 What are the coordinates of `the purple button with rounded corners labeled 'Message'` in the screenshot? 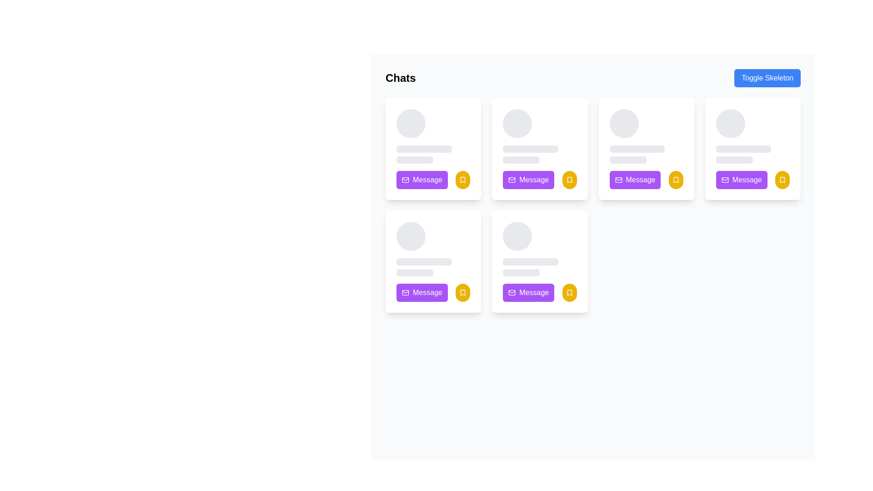 It's located at (753, 180).